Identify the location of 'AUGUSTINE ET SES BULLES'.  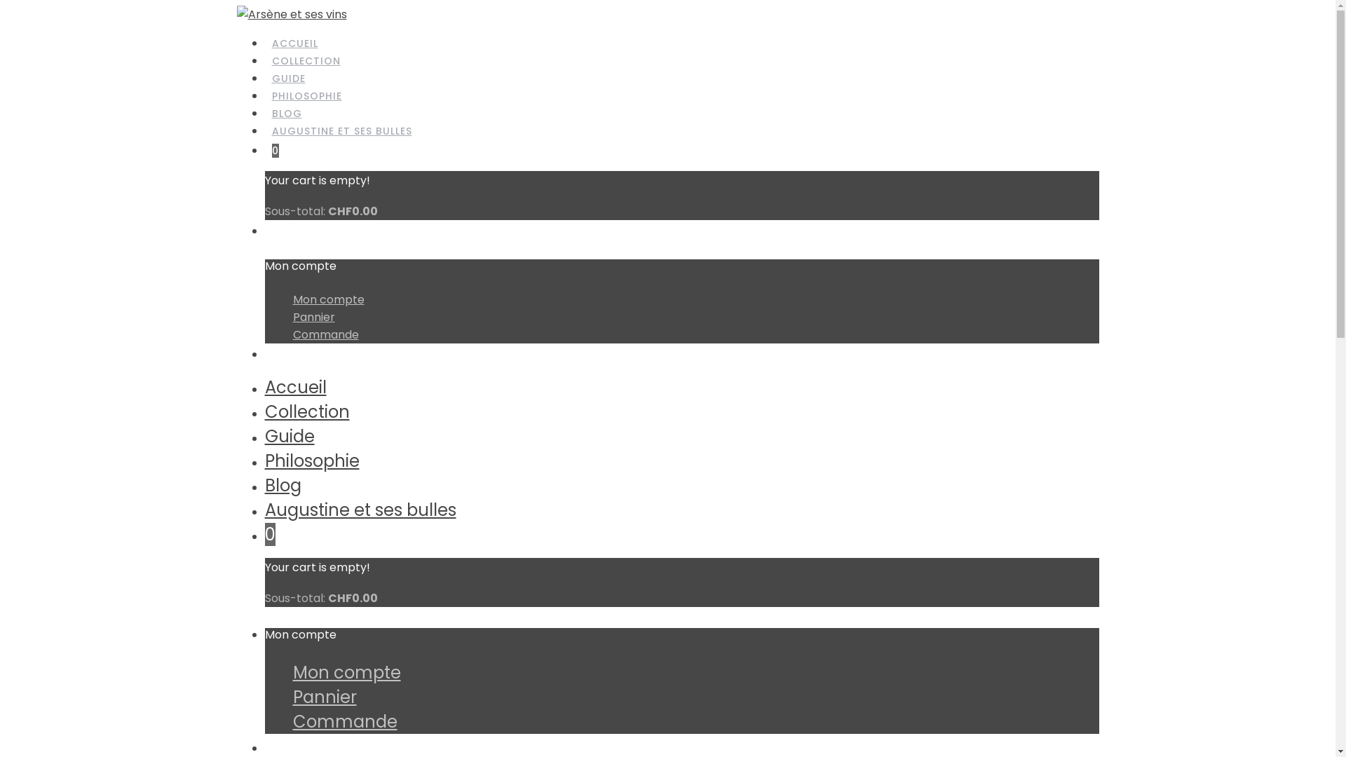
(342, 132).